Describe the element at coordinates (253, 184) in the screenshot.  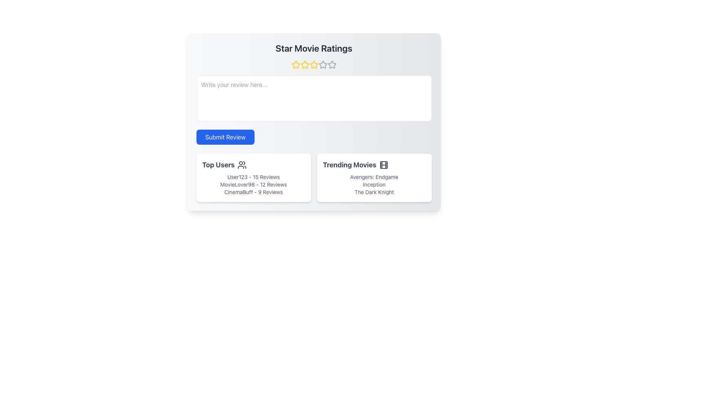
I see `text label displaying the username 'MovieLover98' with 12 reviews, which is the second item in the vertical list of user reviews in the 'Top Users' section` at that location.